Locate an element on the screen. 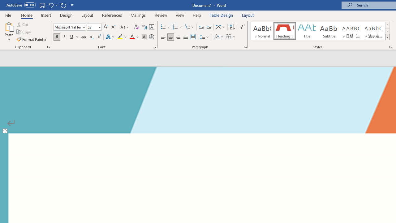  'Align Right' is located at coordinates (178, 37).